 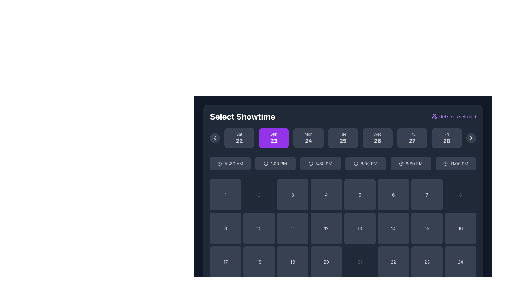 What do you see at coordinates (215, 138) in the screenshot?
I see `the chevron-left button in the SVG graphic` at bounding box center [215, 138].